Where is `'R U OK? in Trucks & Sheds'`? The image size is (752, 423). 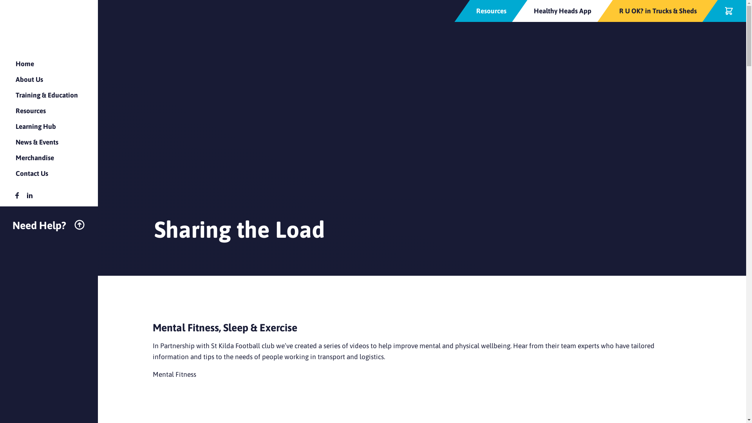 'R U OK? in Trucks & Sheds' is located at coordinates (658, 11).